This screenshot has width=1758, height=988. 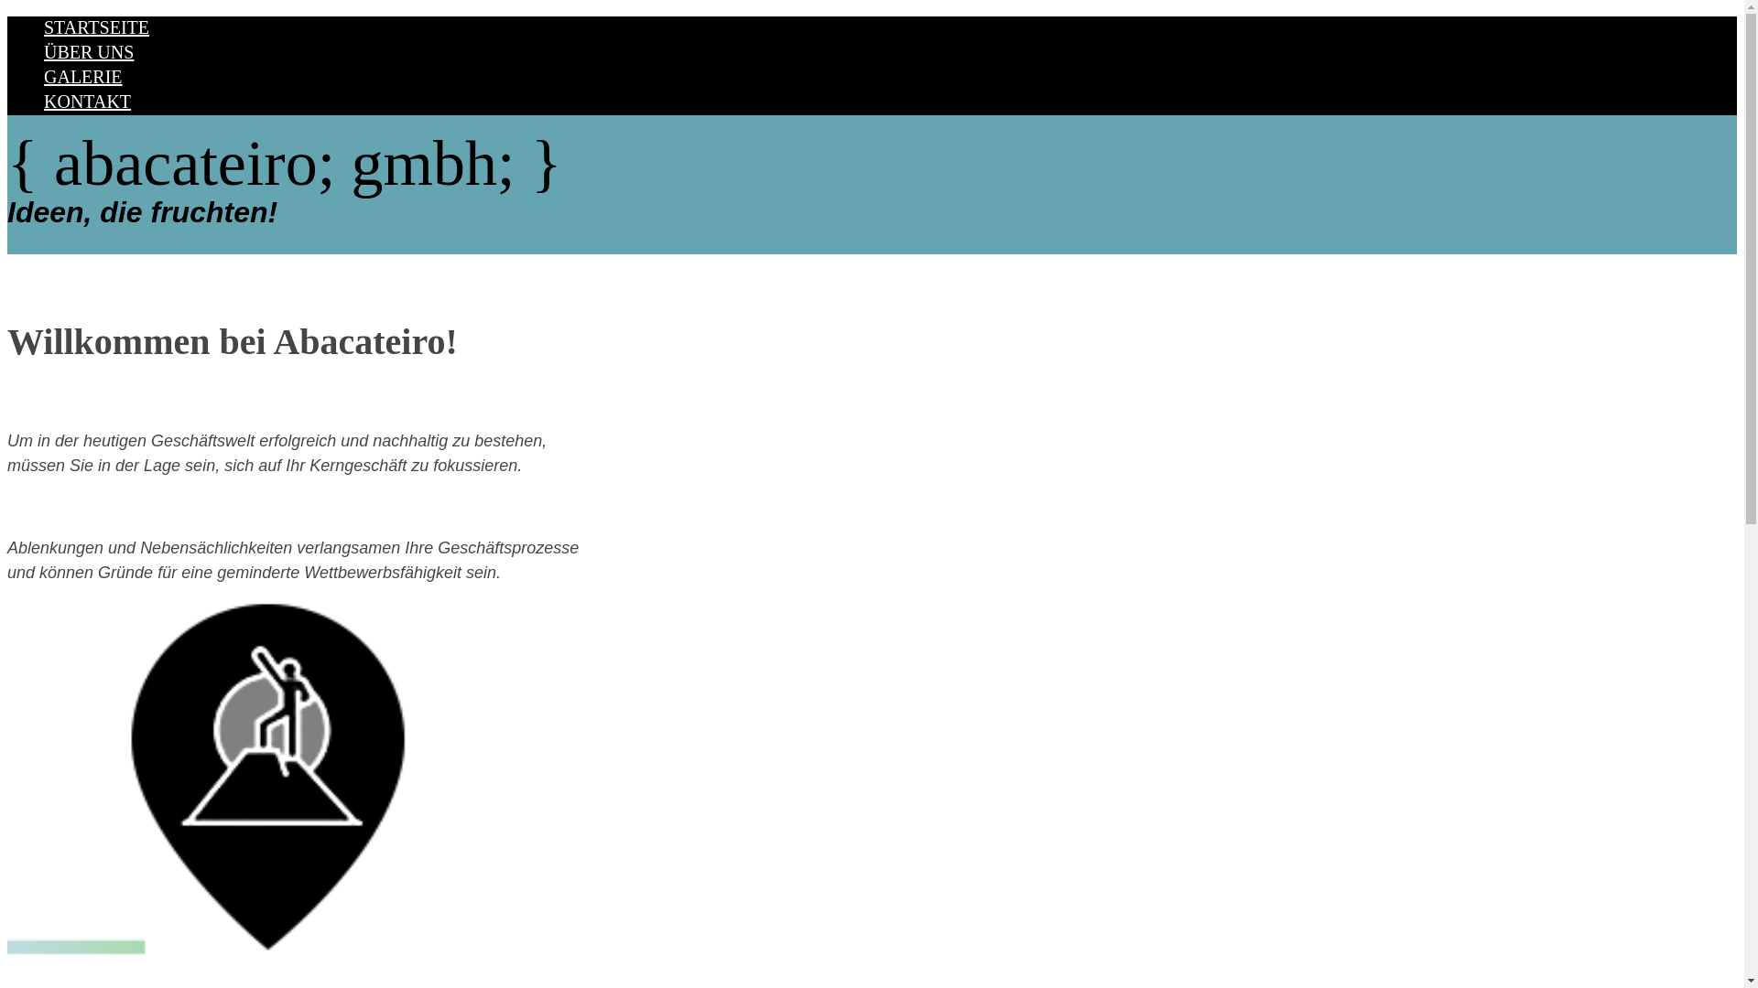 I want to click on 'KONTAKT', so click(x=86, y=102).